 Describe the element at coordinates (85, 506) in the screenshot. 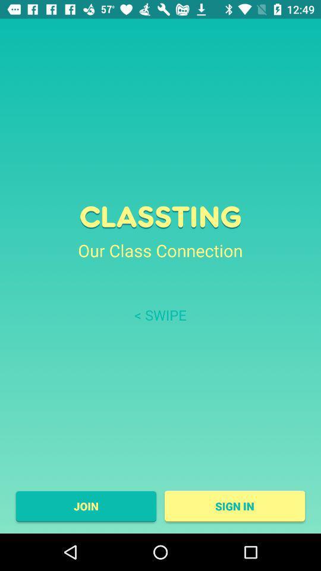

I see `item to the left of sign in icon` at that location.